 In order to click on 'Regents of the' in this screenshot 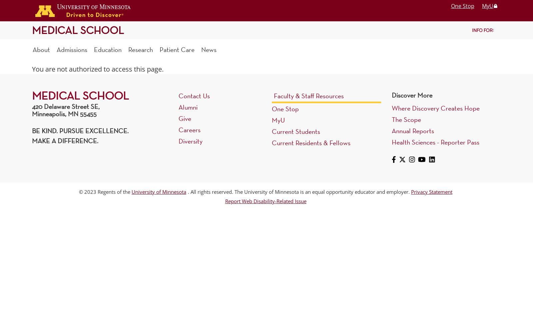, I will do `click(96, 191)`.